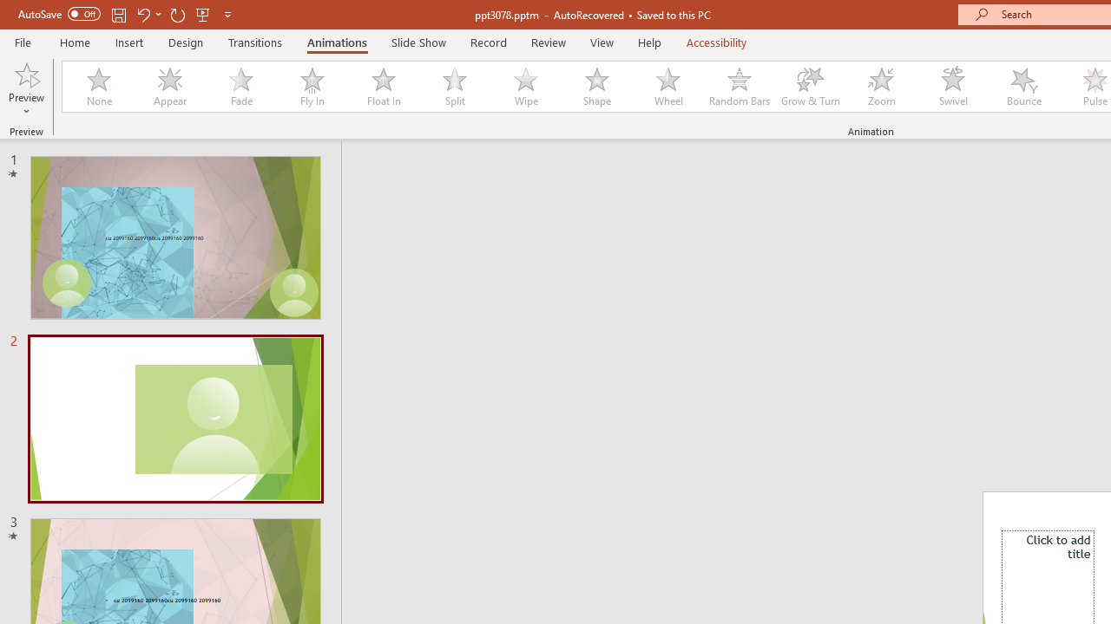 This screenshot has width=1111, height=624. I want to click on 'Random Bars', so click(740, 87).